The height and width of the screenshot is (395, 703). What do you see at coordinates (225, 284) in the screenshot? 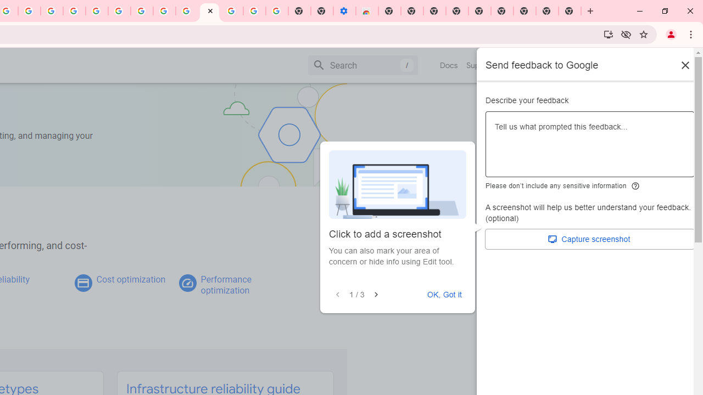
I see `'Performance optimization'` at bounding box center [225, 284].